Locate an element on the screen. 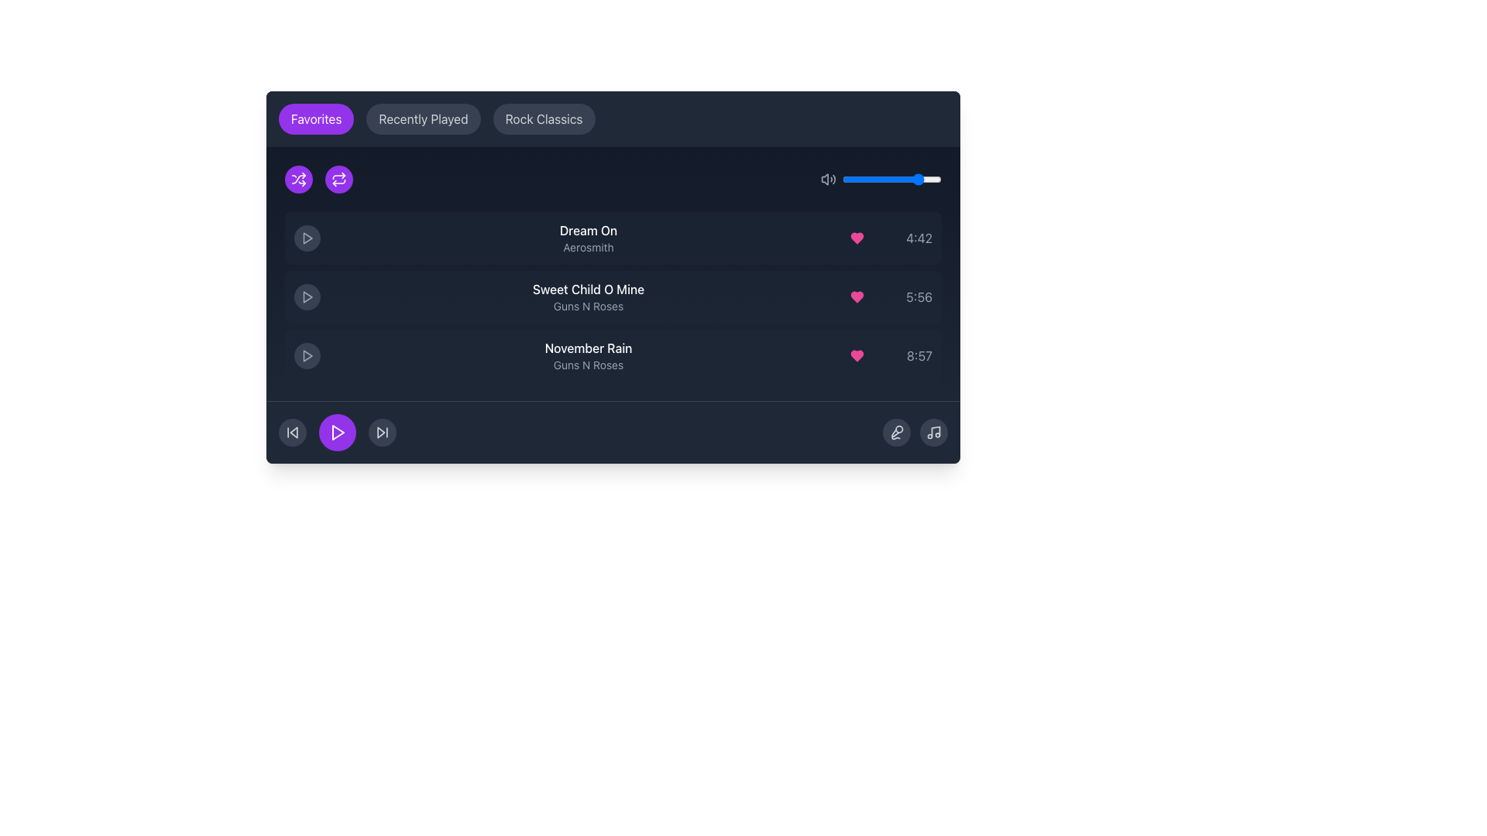 The width and height of the screenshot is (1487, 836). the play button located at the bottom center of the interface, which is positioned between the backward-skip and forward-skip buttons is located at coordinates (337, 433).